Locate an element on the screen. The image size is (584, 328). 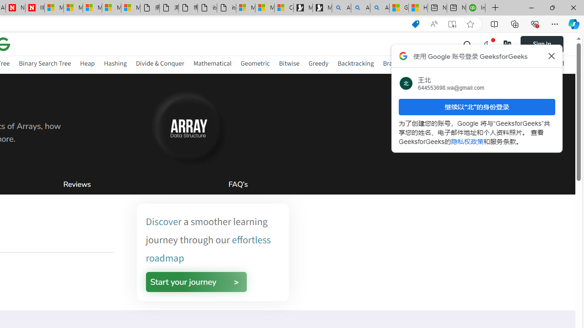
'Heap' is located at coordinates (87, 64).